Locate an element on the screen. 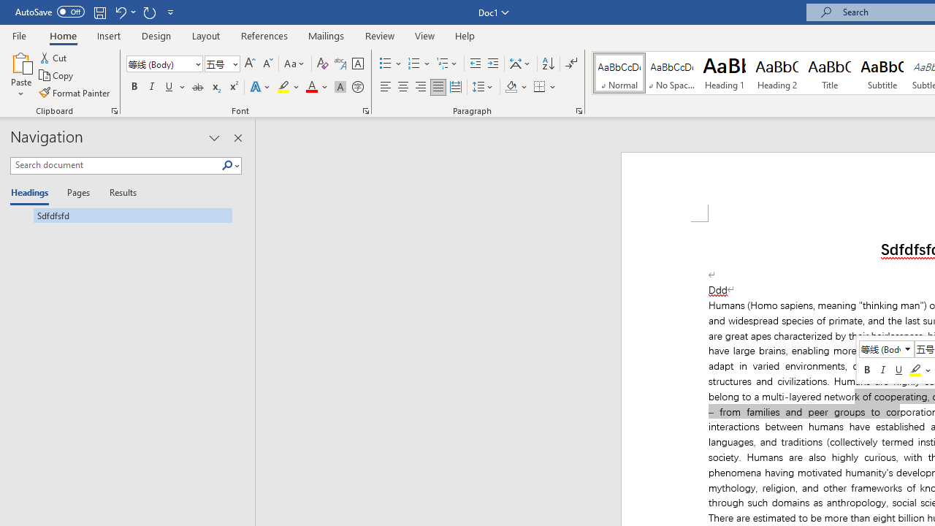 The height and width of the screenshot is (526, 935). 'Undo ' is located at coordinates (124, 12).